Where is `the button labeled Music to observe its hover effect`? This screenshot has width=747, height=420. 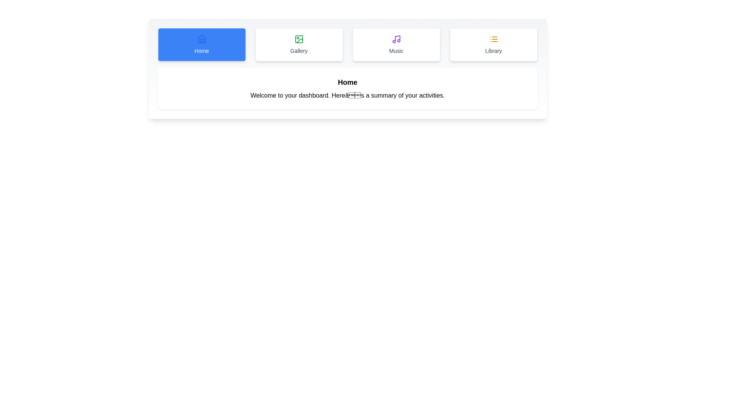 the button labeled Music to observe its hover effect is located at coordinates (396, 45).